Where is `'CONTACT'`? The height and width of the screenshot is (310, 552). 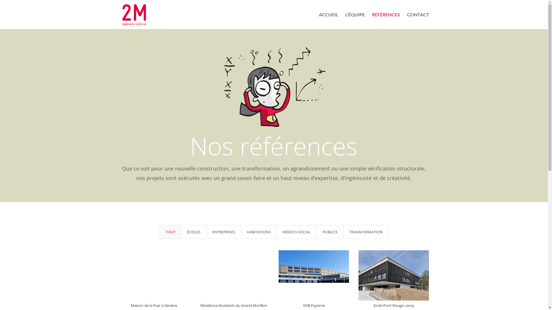
'CONTACT' is located at coordinates (418, 21).